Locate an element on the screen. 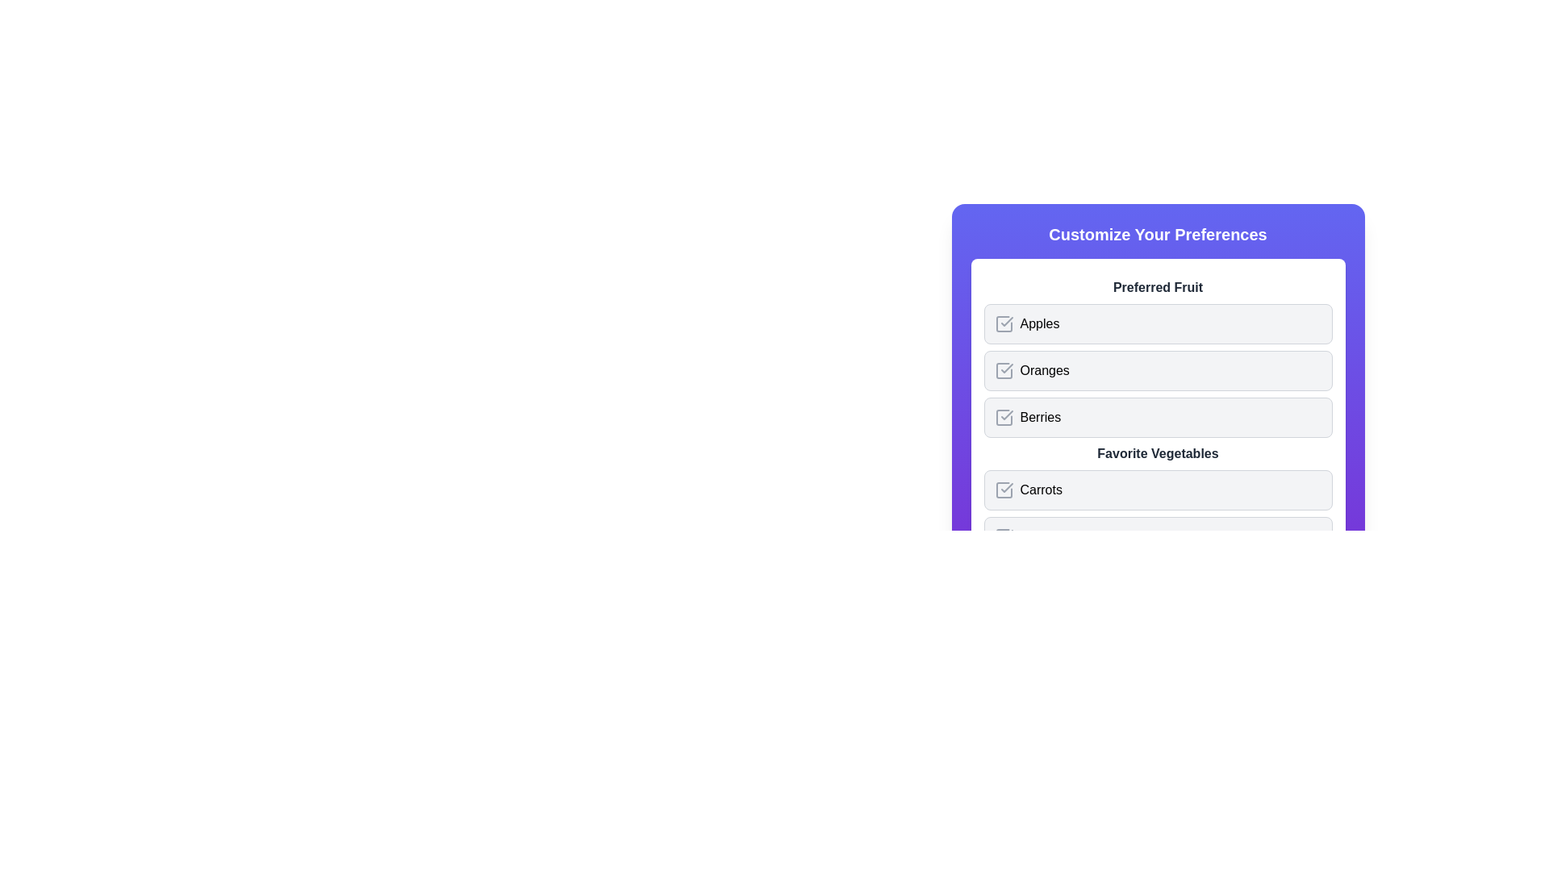 The image size is (1549, 871). the checkbox for the 'Berries' preference located in the third row under the 'Preferred Fruit' section is located at coordinates (1003, 416).